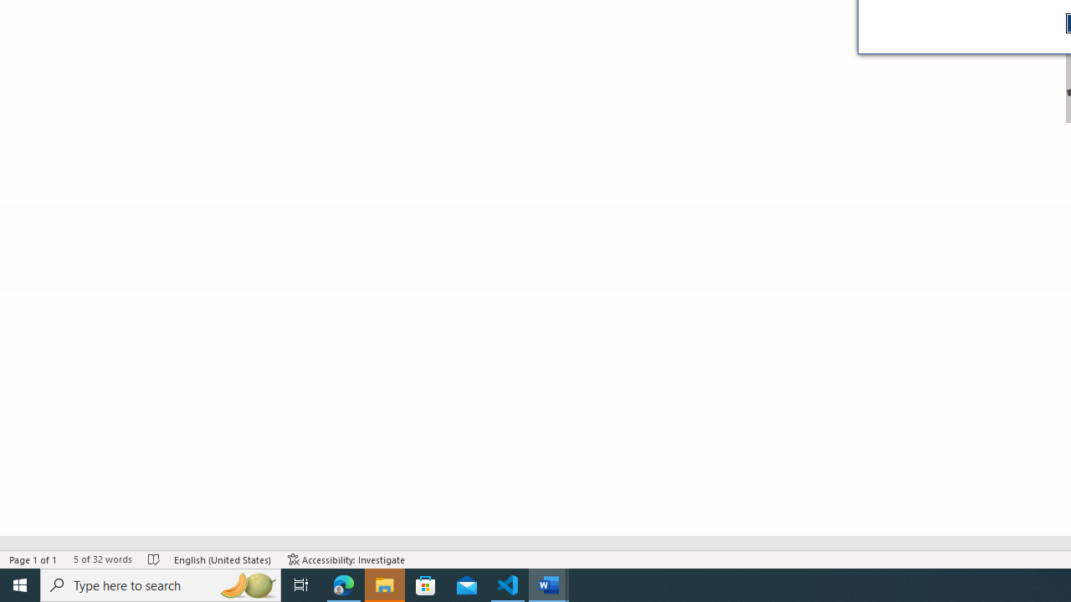 This screenshot has height=602, width=1071. I want to click on 'Type here to search', so click(161, 584).